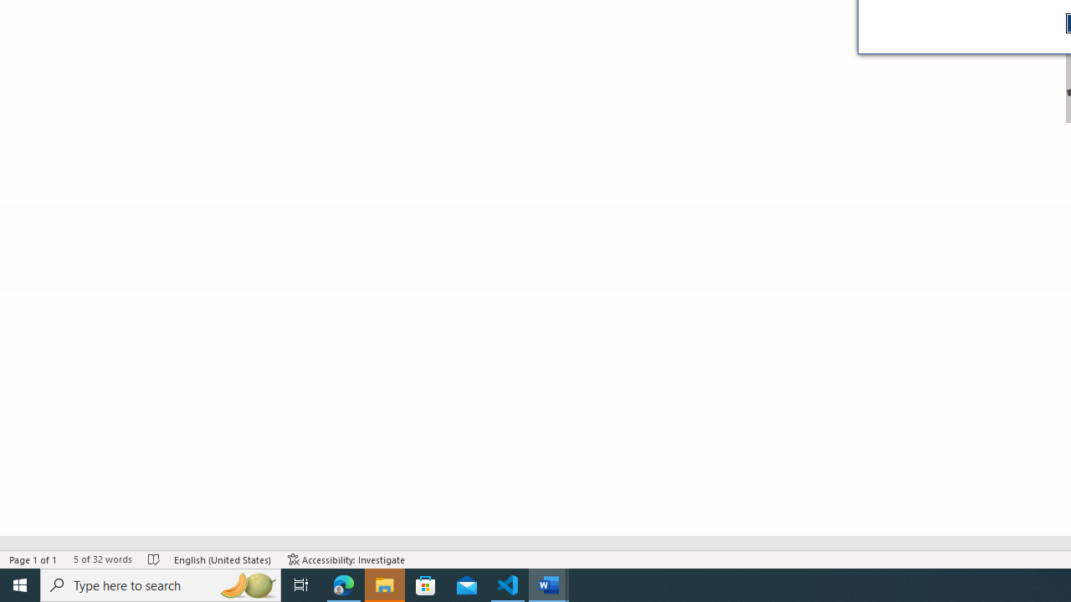 This screenshot has height=602, width=1071. I want to click on 'Type here to search', so click(161, 584).